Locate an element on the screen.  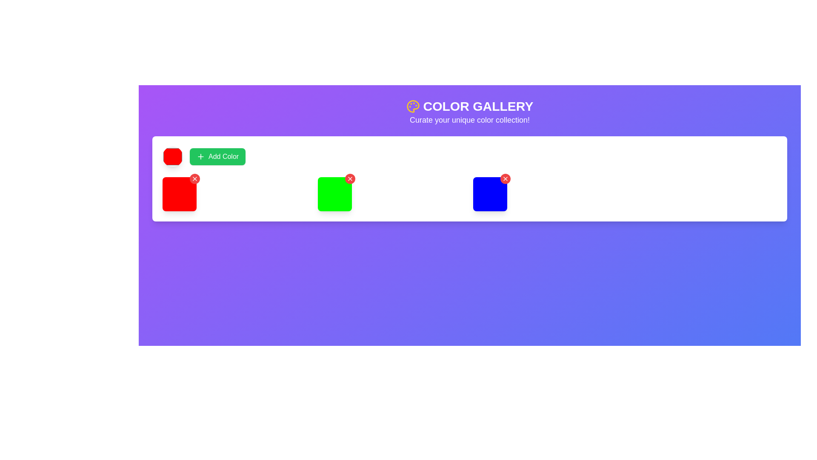
the prominent title bar that reads 'COLOR GALLERY' with a yellow palette icon on the left, styled in bold, uppercase white font against a purple background gradient is located at coordinates (469, 106).